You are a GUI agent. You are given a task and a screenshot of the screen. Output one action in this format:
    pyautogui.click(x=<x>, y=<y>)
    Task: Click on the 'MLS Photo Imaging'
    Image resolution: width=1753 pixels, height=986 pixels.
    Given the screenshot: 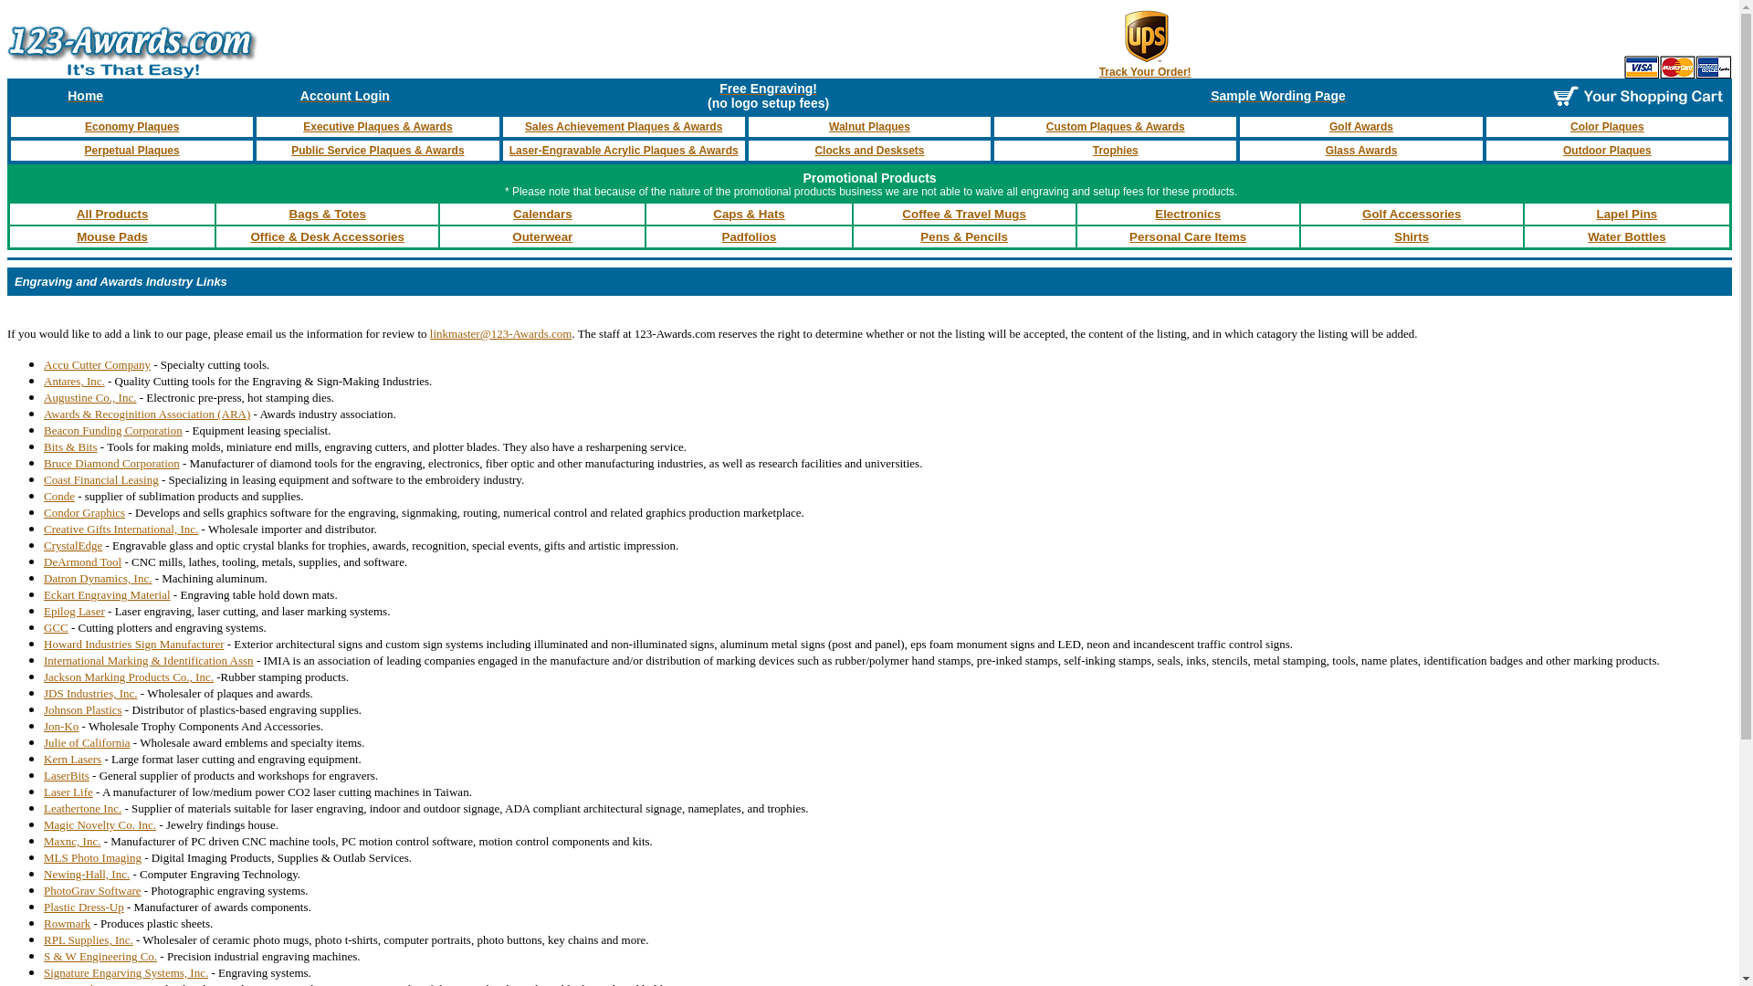 What is the action you would take?
    pyautogui.click(x=91, y=857)
    